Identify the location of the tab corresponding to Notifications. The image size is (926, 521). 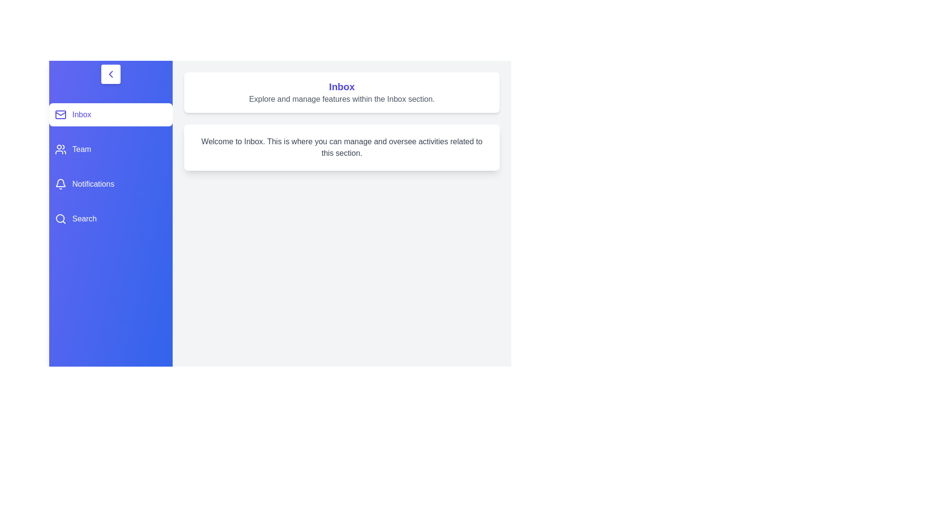
(111, 184).